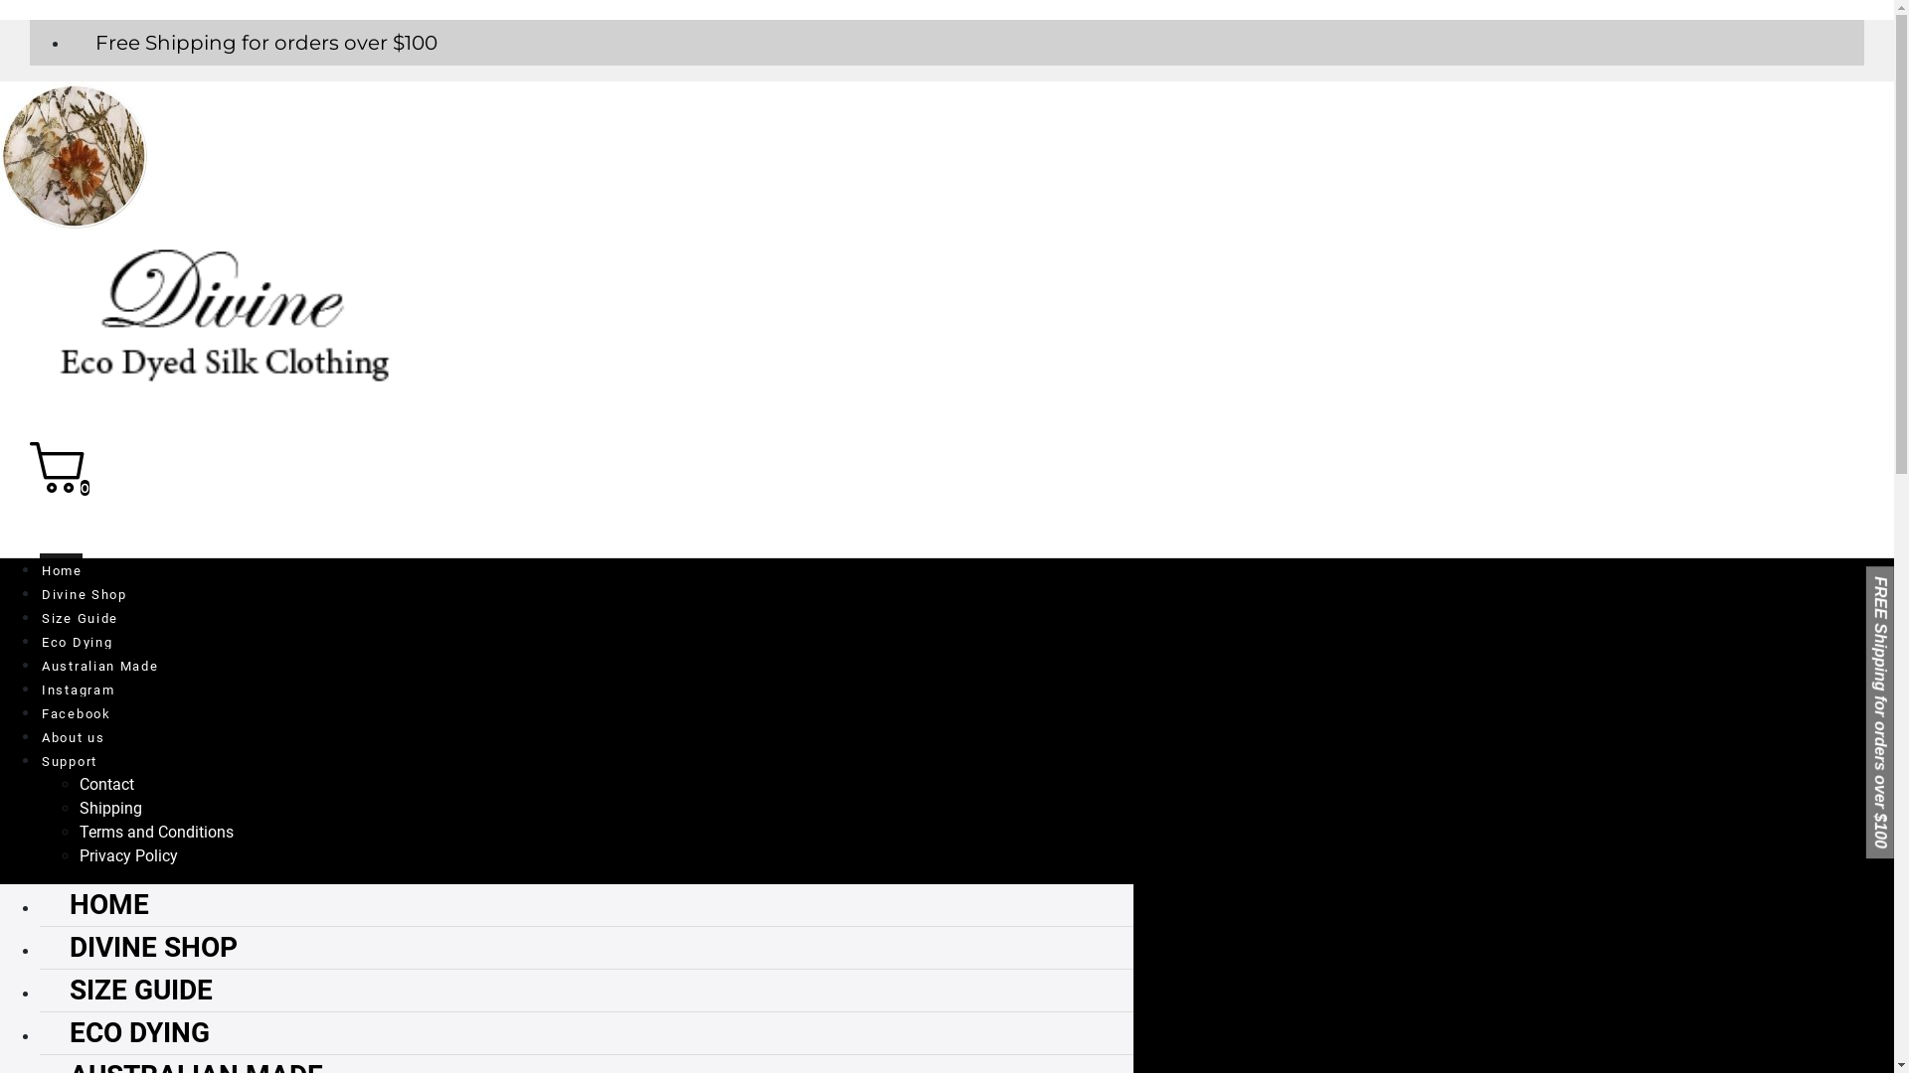 The image size is (1909, 1073). Describe the element at coordinates (76, 638) in the screenshot. I see `'Eco Dying'` at that location.